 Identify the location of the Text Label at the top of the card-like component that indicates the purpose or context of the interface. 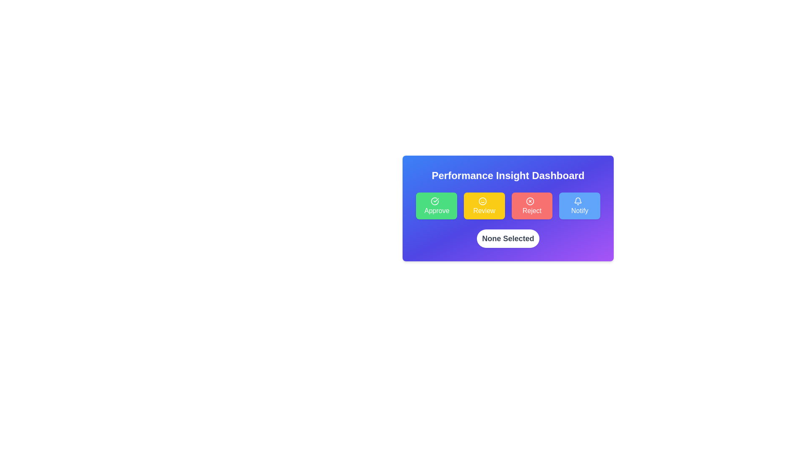
(508, 175).